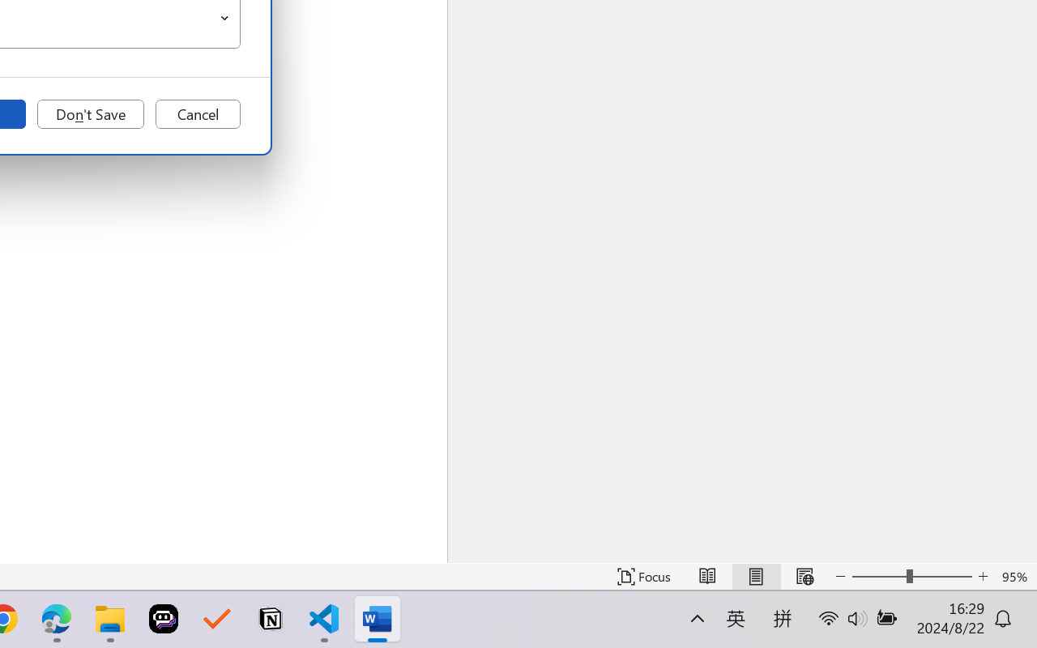 This screenshot has height=648, width=1037. Describe the element at coordinates (1014, 576) in the screenshot. I see `'Zoom 95%'` at that location.